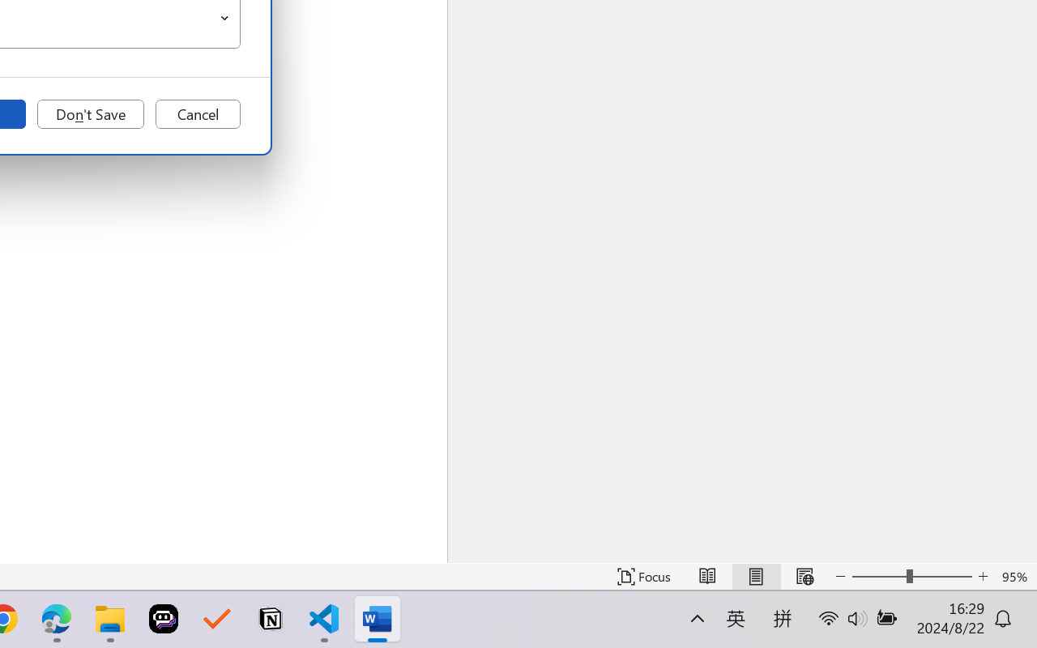 This screenshot has height=648, width=1037. Describe the element at coordinates (1014, 576) in the screenshot. I see `'Zoom 95%'` at that location.